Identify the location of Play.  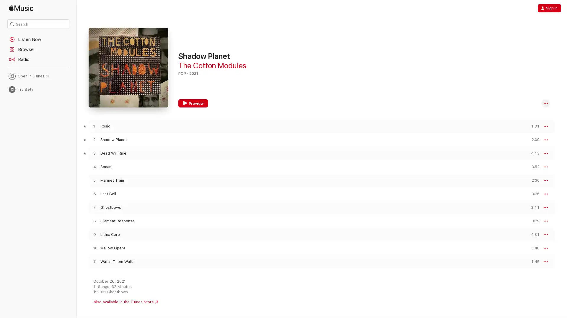
(94, 140).